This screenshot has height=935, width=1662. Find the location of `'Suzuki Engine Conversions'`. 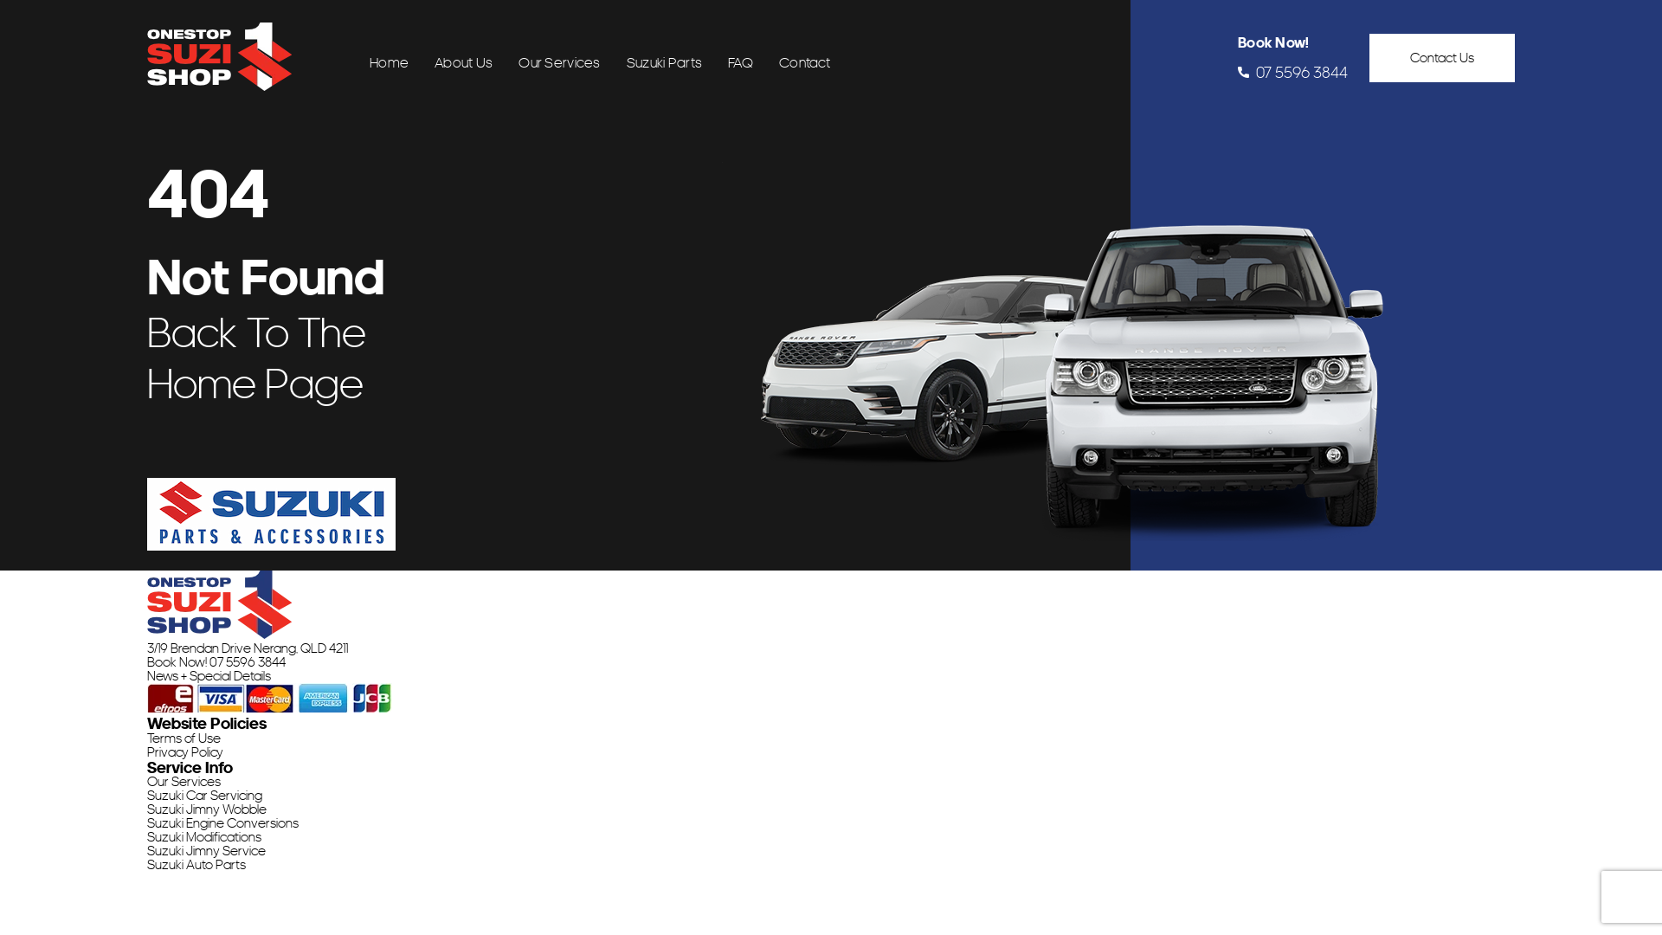

'Suzuki Engine Conversions' is located at coordinates (222, 822).